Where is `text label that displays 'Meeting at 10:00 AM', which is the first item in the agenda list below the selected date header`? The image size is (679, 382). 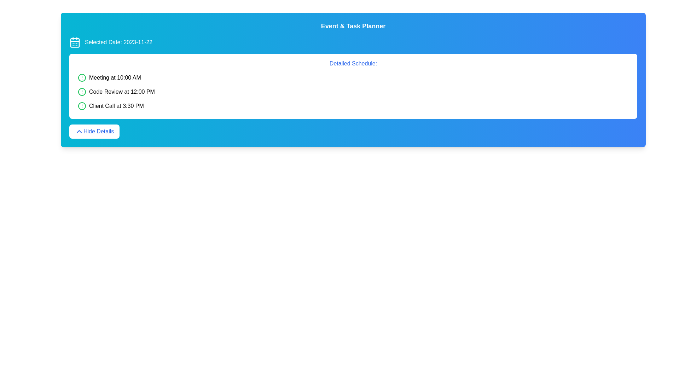
text label that displays 'Meeting at 10:00 AM', which is the first item in the agenda list below the selected date header is located at coordinates (115, 77).